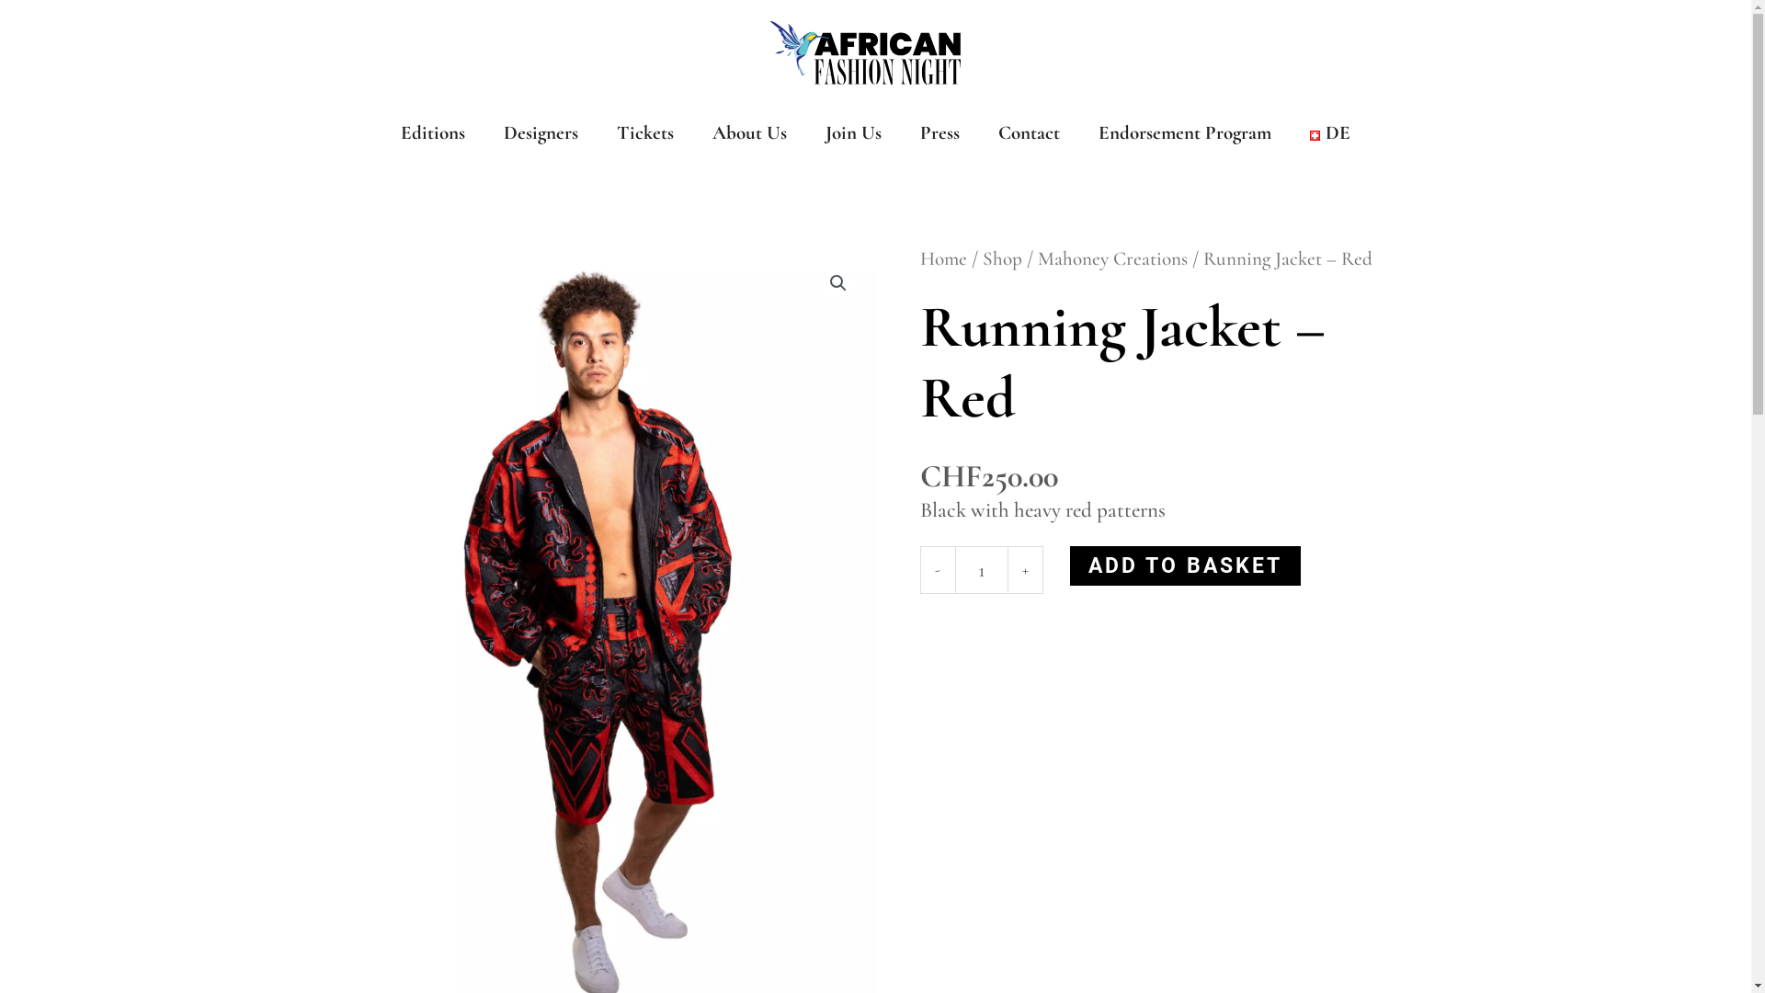 This screenshot has height=993, width=1765. I want to click on 'Press', so click(939, 132).